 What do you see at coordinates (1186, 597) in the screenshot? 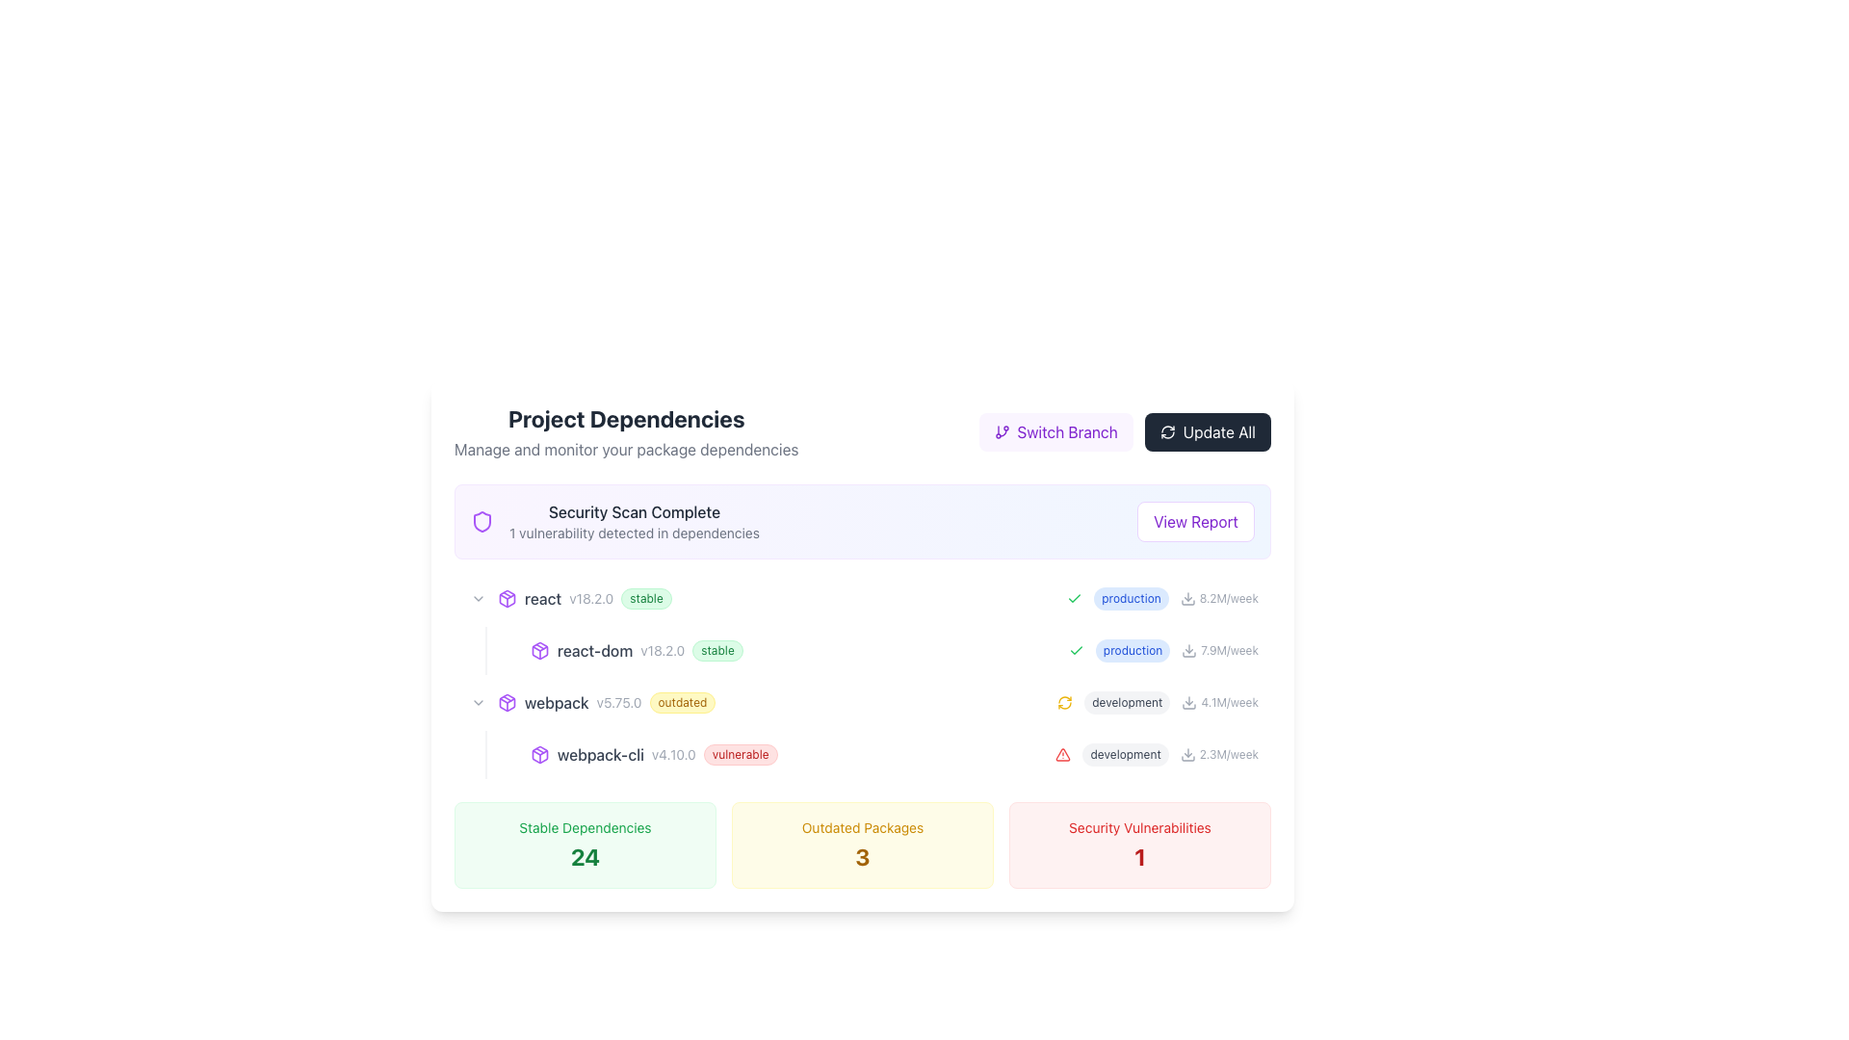
I see `the presence of the download icon that represents download-related data, specifically showing '8.2M/week'` at bounding box center [1186, 597].